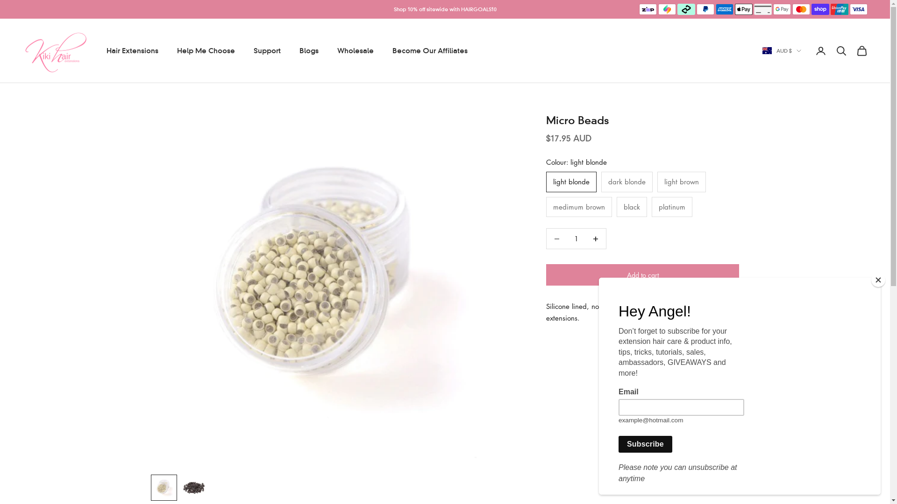  I want to click on 'Wholesale', so click(336, 50).